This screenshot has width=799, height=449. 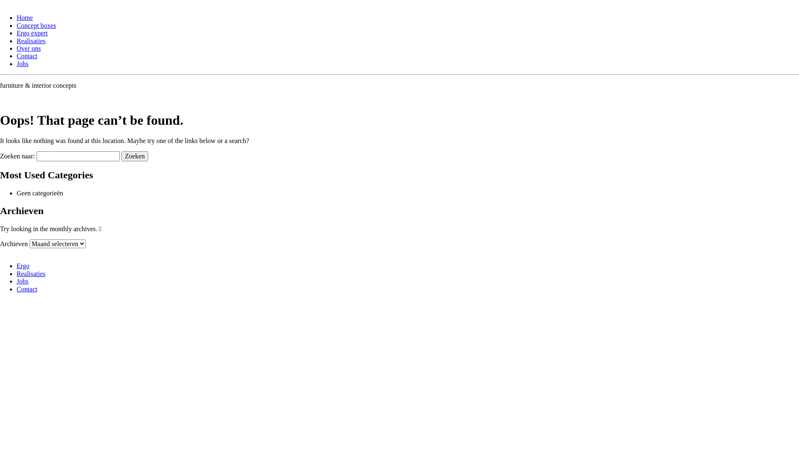 I want to click on 'Concept boxes', so click(x=16, y=25).